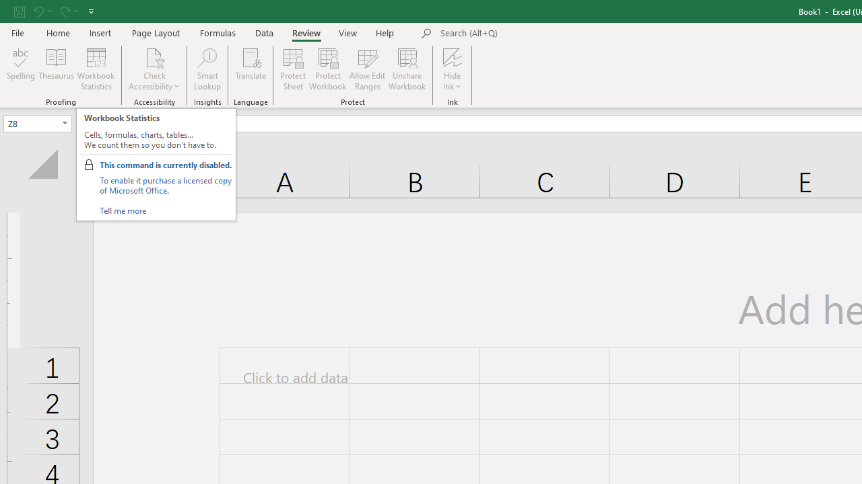 The height and width of the screenshot is (484, 862). What do you see at coordinates (251, 69) in the screenshot?
I see `'Translate'` at bounding box center [251, 69].